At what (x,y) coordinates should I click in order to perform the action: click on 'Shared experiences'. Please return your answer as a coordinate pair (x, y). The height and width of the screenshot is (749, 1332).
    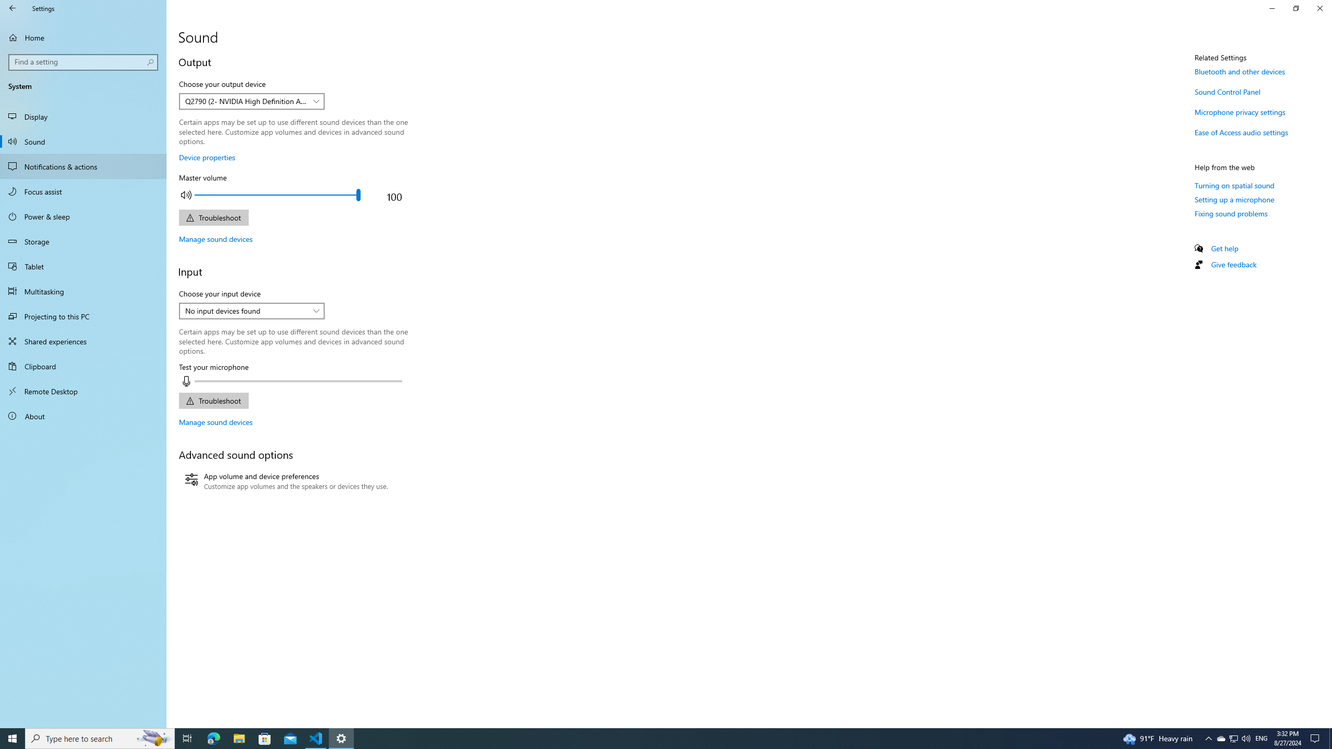
    Looking at the image, I should click on (83, 340).